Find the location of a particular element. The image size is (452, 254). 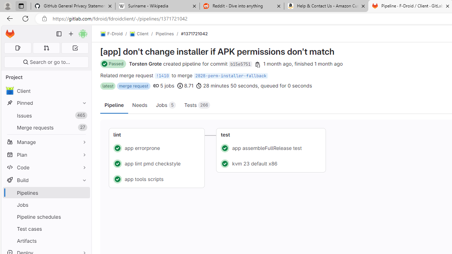

'Plan' is located at coordinates (46, 154).